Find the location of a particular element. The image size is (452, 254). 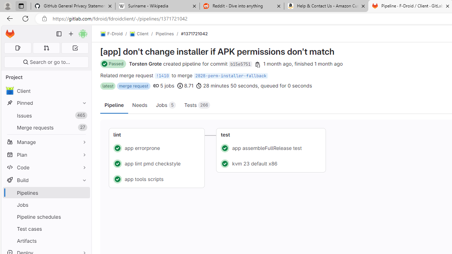

'Plan' is located at coordinates (46, 154).